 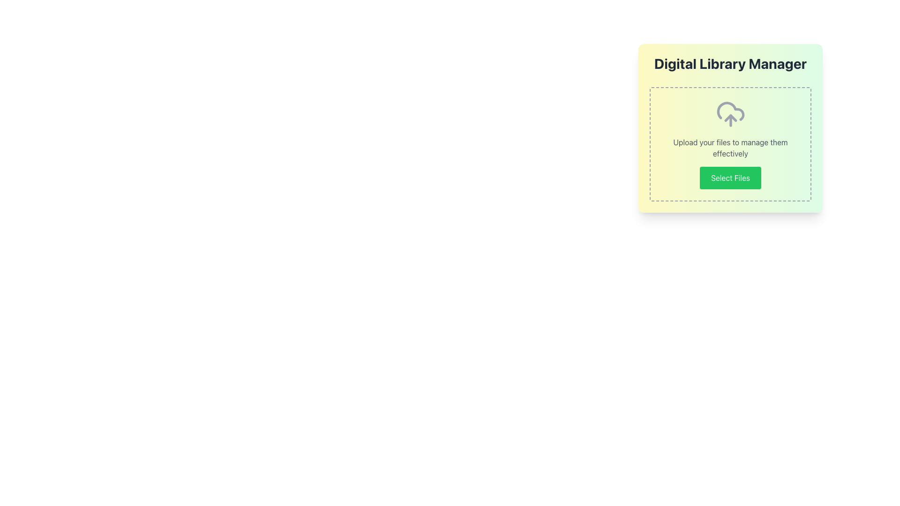 What do you see at coordinates (730, 117) in the screenshot?
I see `the upward-pointing triangular arrow icon located within the cloud-shaped upload section` at bounding box center [730, 117].